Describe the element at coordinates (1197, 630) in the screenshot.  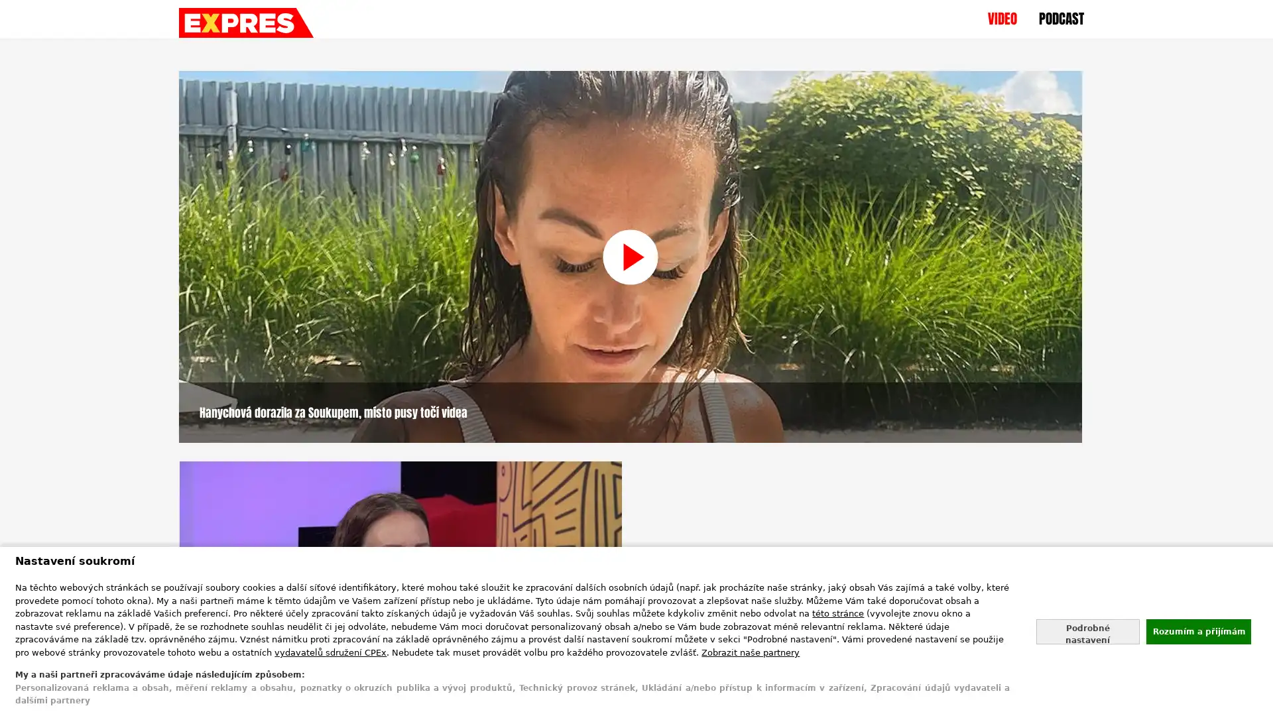
I see `Souhlasit s nasim zpracovanim udaju a zavrit` at that location.